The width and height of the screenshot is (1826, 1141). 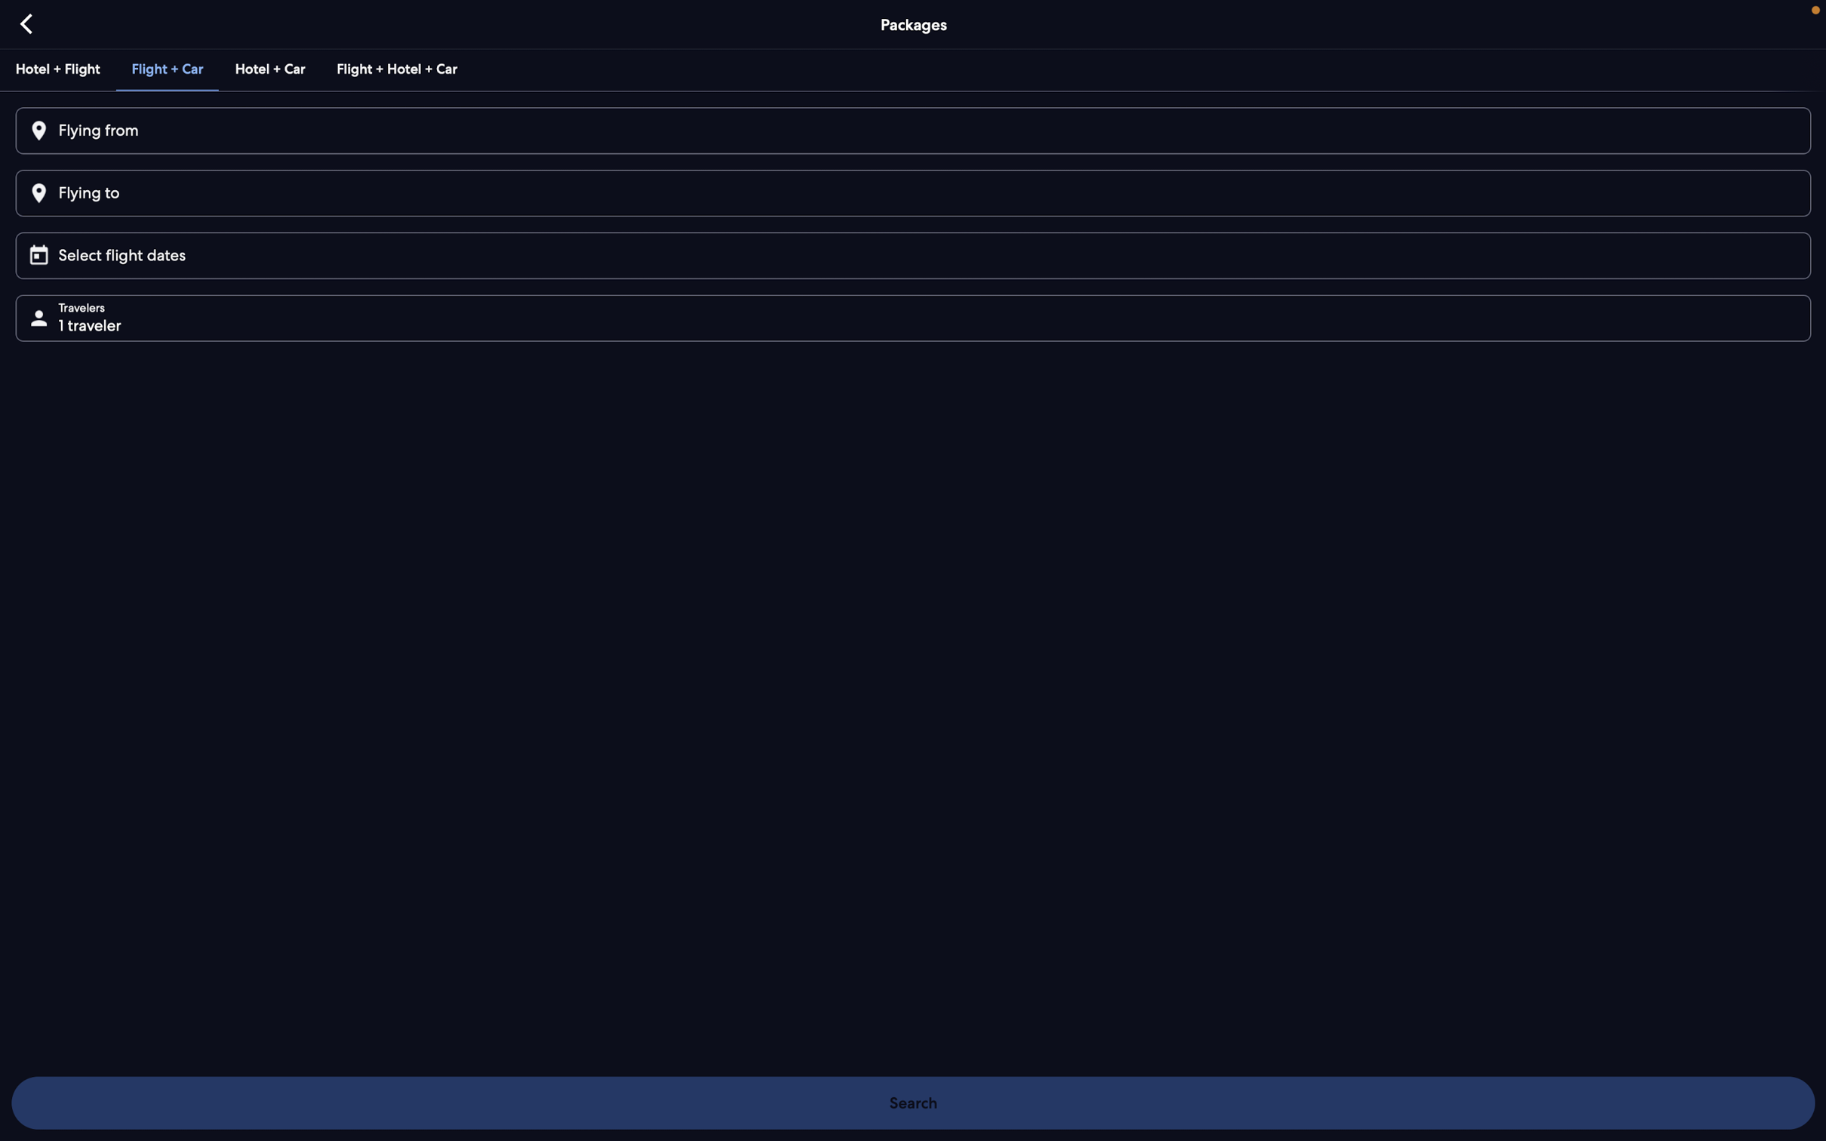 I want to click on the bundle option for flight, hotel, and car rental, so click(x=395, y=68).